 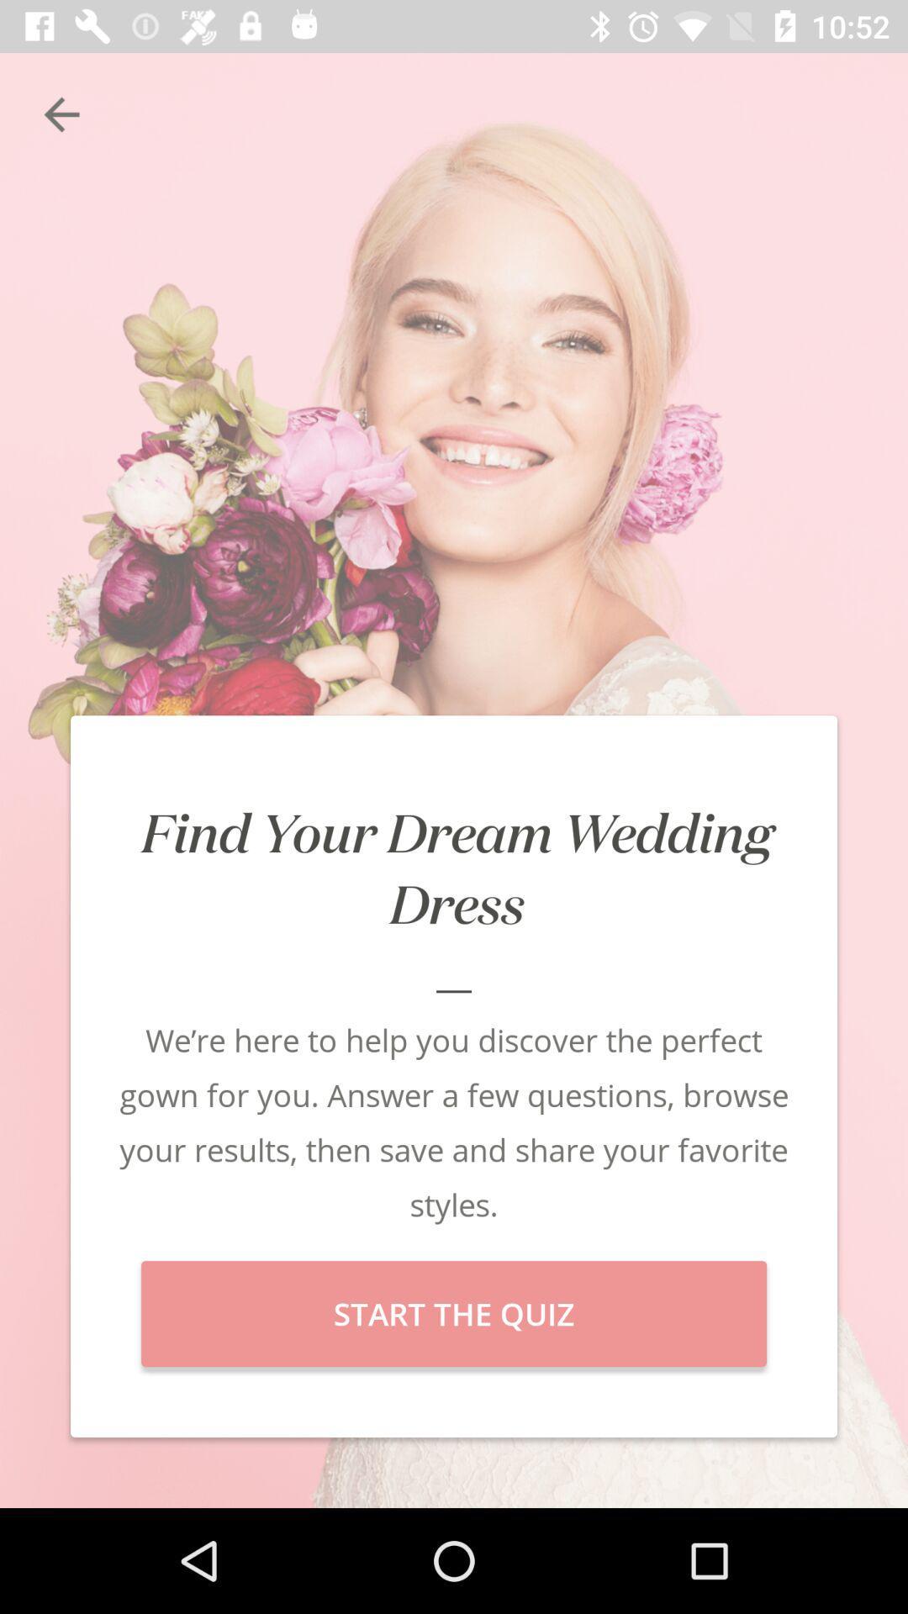 What do you see at coordinates (61, 113) in the screenshot?
I see `to return` at bounding box center [61, 113].